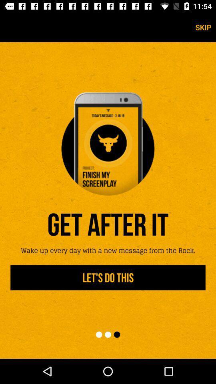 The image size is (216, 384). I want to click on the skip icon, so click(203, 27).